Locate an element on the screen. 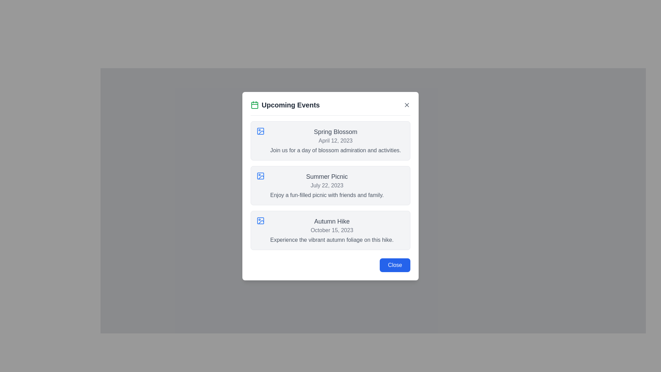 The width and height of the screenshot is (661, 372). the Text label indicating the scheduled date of the 'Autumn Hike' event, which is positioned below the title and above the event description in the 'Upcoming Events' modal is located at coordinates (332, 230).